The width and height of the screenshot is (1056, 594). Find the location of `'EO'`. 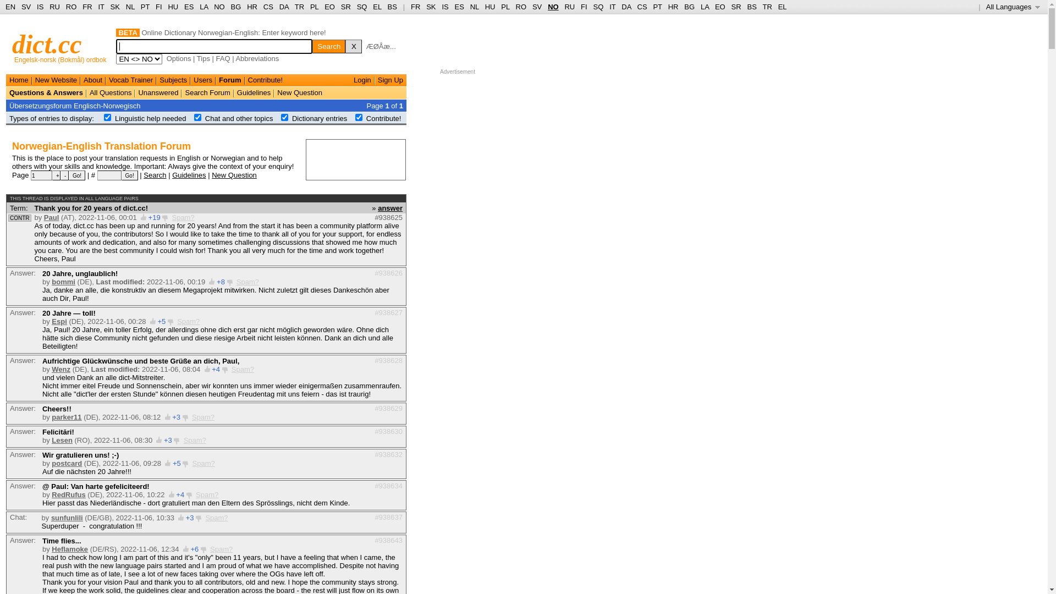

'EO' is located at coordinates (329, 7).